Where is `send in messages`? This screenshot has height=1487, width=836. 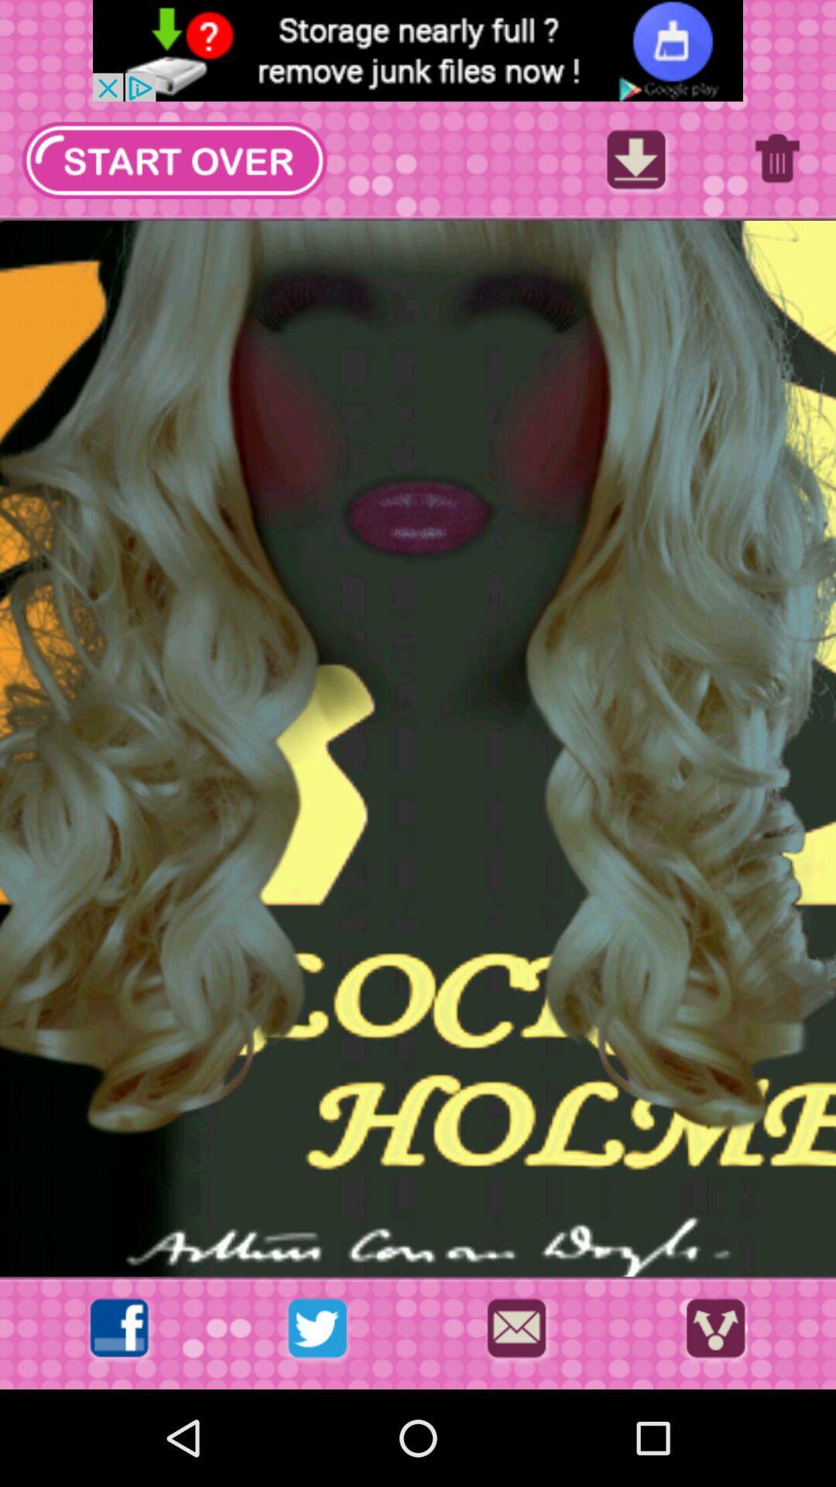 send in messages is located at coordinates (516, 1332).